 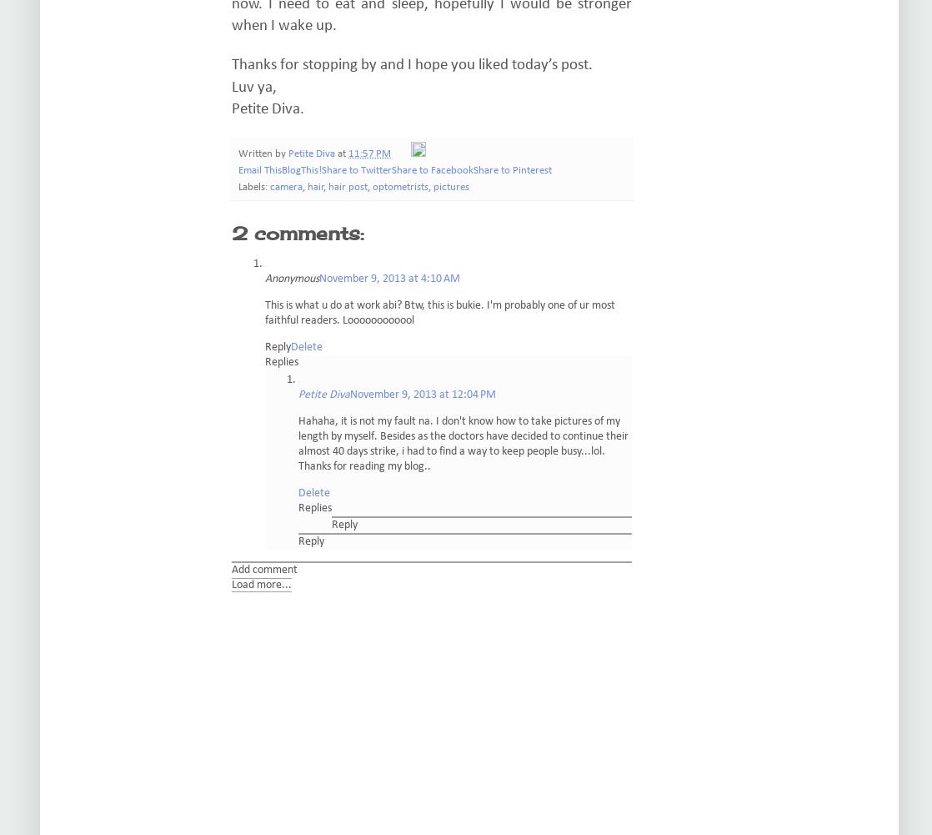 I want to click on 'November 9, 2013 at 4:10 AM', so click(x=388, y=279).